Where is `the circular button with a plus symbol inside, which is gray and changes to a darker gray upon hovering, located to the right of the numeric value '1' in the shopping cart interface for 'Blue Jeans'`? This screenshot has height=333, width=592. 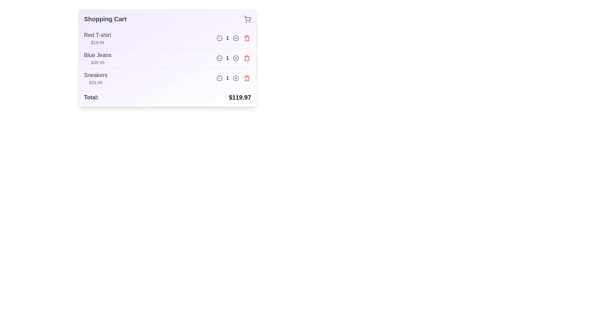 the circular button with a plus symbol inside, which is gray and changes to a darker gray upon hovering, located to the right of the numeric value '1' in the shopping cart interface for 'Blue Jeans' is located at coordinates (233, 58).